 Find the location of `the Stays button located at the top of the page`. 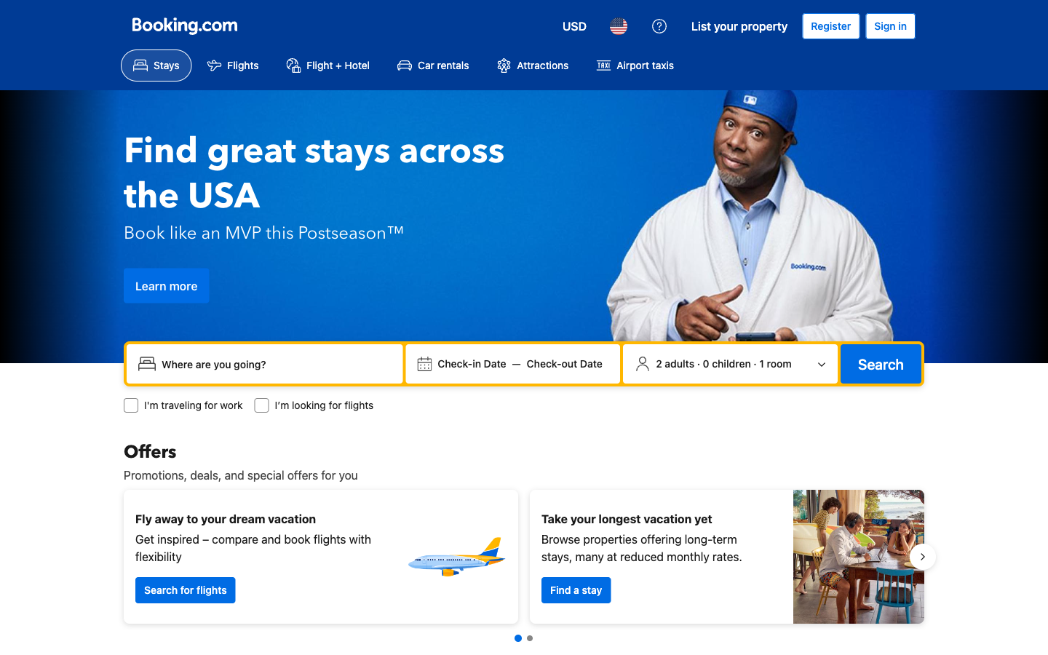

the Stays button located at the top of the page is located at coordinates (156, 65).